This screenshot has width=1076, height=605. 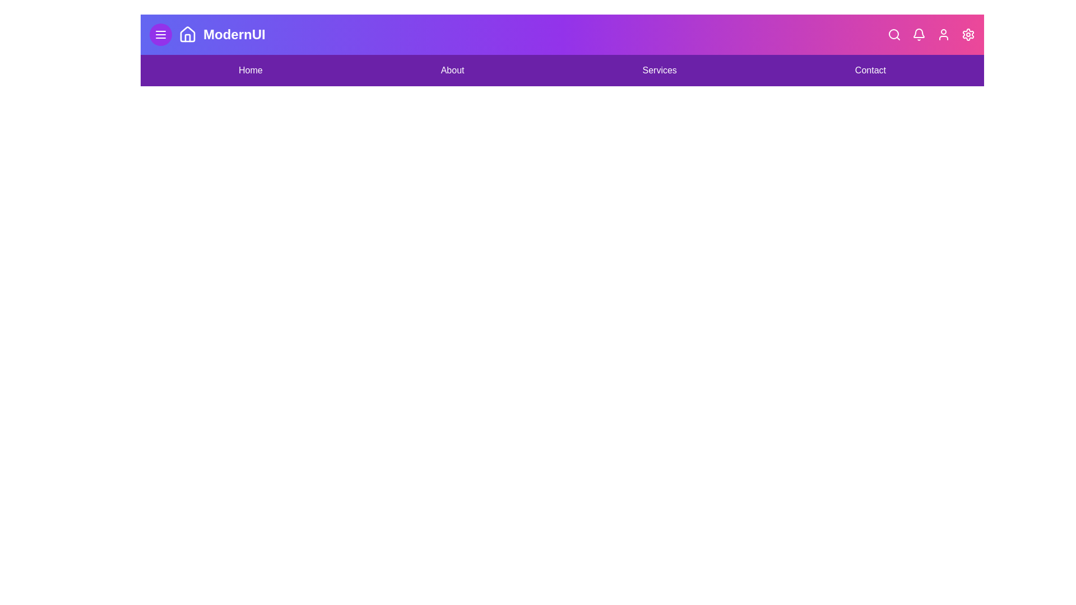 I want to click on the navigation link labeled Home to navigate to the corresponding section, so click(x=250, y=71).